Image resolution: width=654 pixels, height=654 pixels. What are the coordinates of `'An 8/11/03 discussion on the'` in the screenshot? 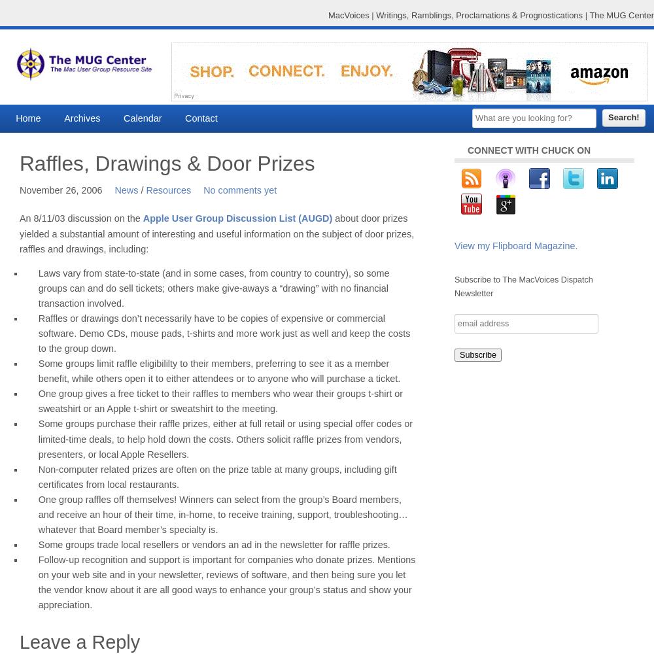 It's located at (80, 218).